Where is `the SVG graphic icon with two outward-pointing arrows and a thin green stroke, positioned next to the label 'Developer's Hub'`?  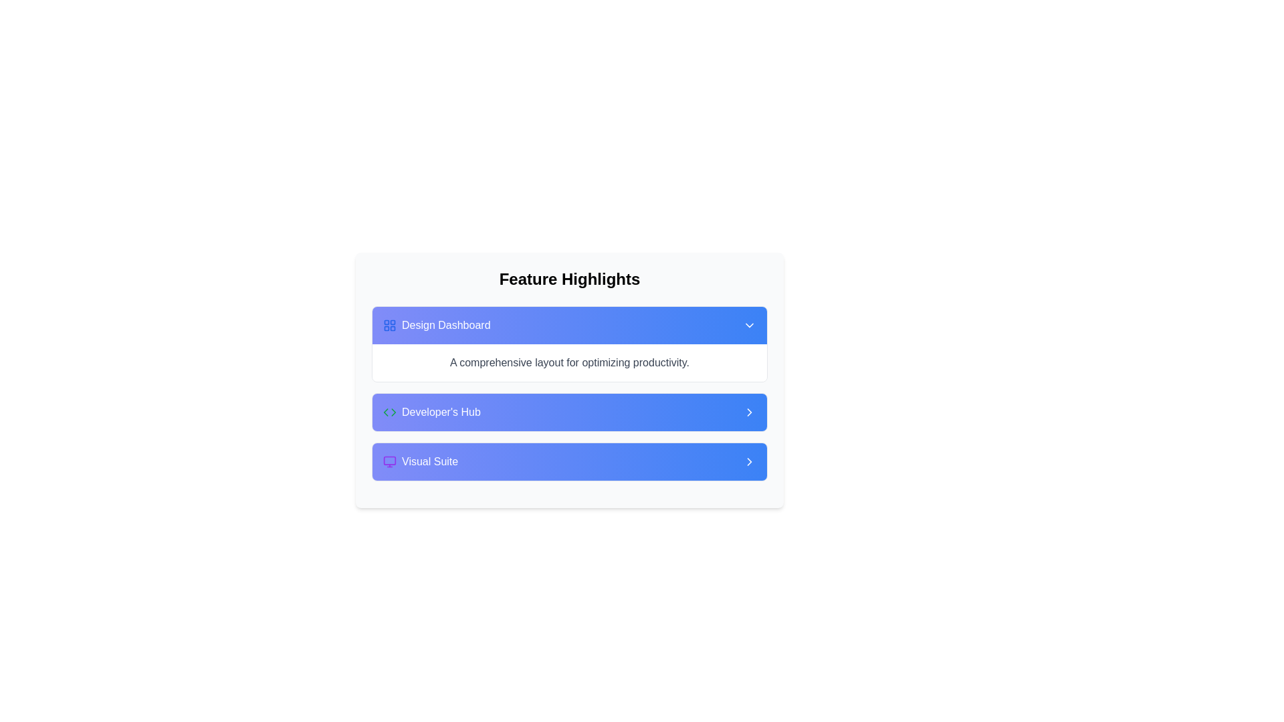 the SVG graphic icon with two outward-pointing arrows and a thin green stroke, positioned next to the label 'Developer's Hub' is located at coordinates (389, 412).